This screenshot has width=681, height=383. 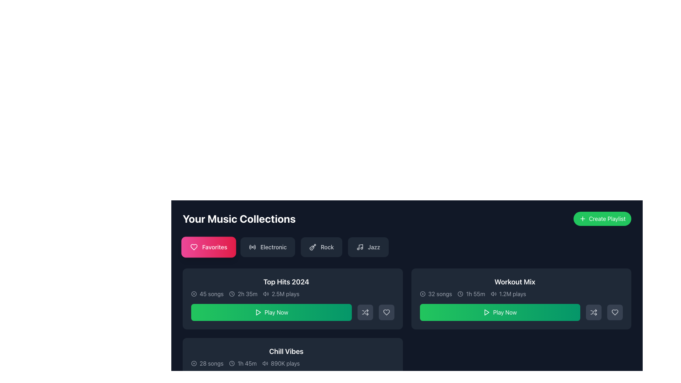 What do you see at coordinates (368, 247) in the screenshot?
I see `the button for selecting the 'Jazz' music category, which is the fourth button in a horizontal row under 'Your Music Collections'` at bounding box center [368, 247].